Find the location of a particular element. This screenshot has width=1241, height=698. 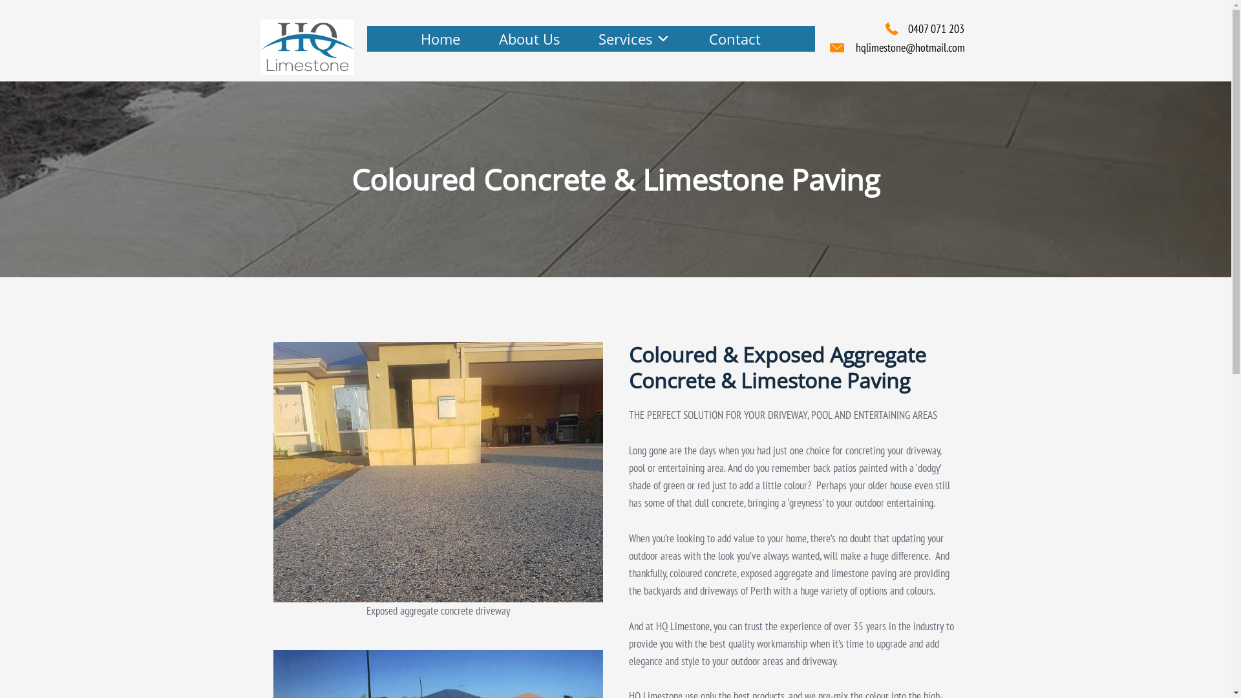

'hqlimestone@hotmail.com' is located at coordinates (909, 47).